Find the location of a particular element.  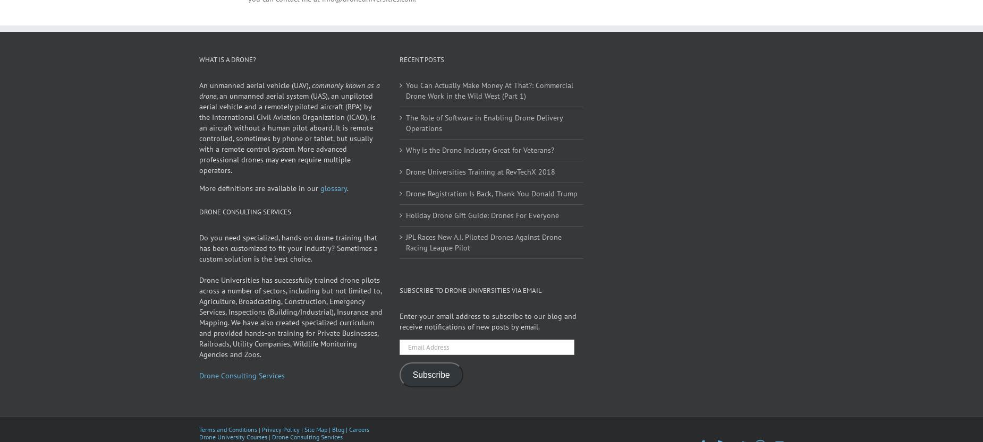

'What is a Drone?' is located at coordinates (227, 74).